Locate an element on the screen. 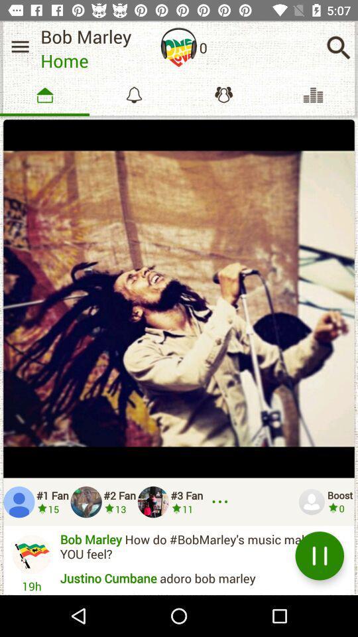 The image size is (358, 637). side menu is located at coordinates (19, 46).